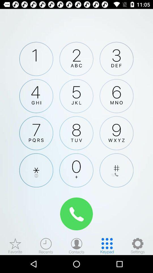 This screenshot has height=273, width=153. I want to click on call number, so click(76, 214).